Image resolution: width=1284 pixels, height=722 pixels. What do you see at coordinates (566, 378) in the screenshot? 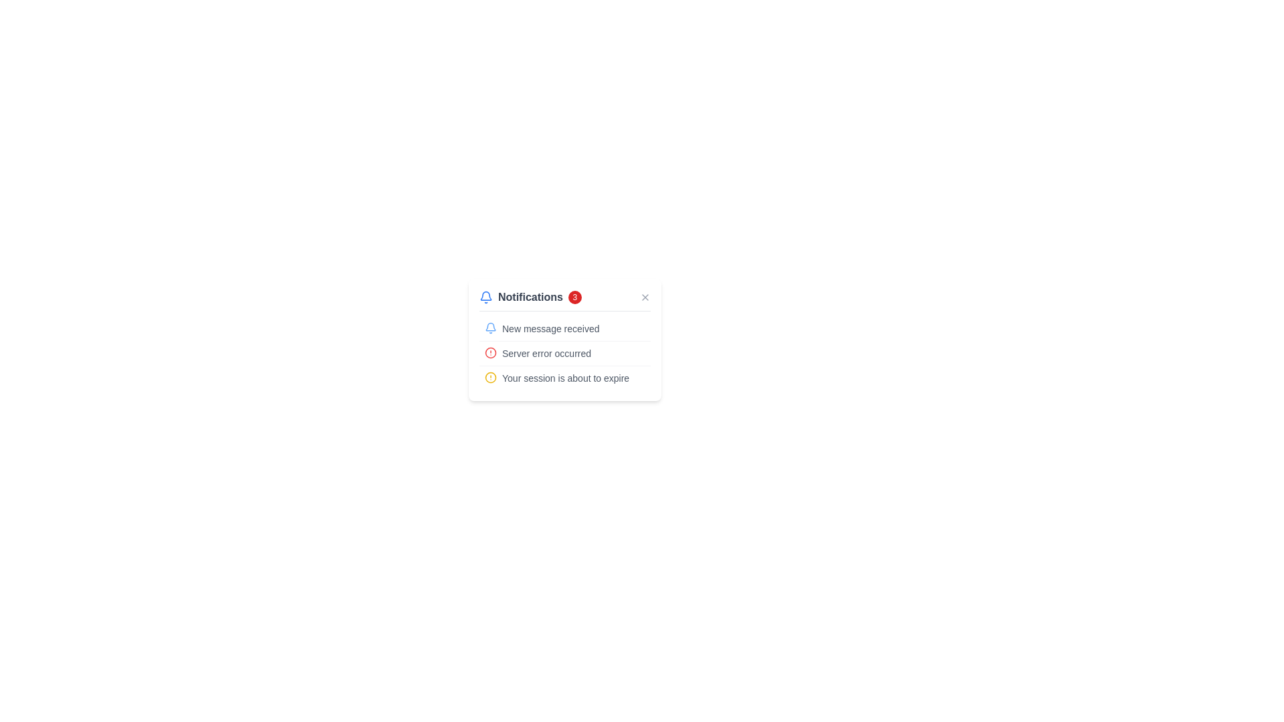
I see `the static text label that provides a notification about impending session expiration, located at the bottom of the notification list under 'Server error occurred' and 'New message received'` at bounding box center [566, 378].